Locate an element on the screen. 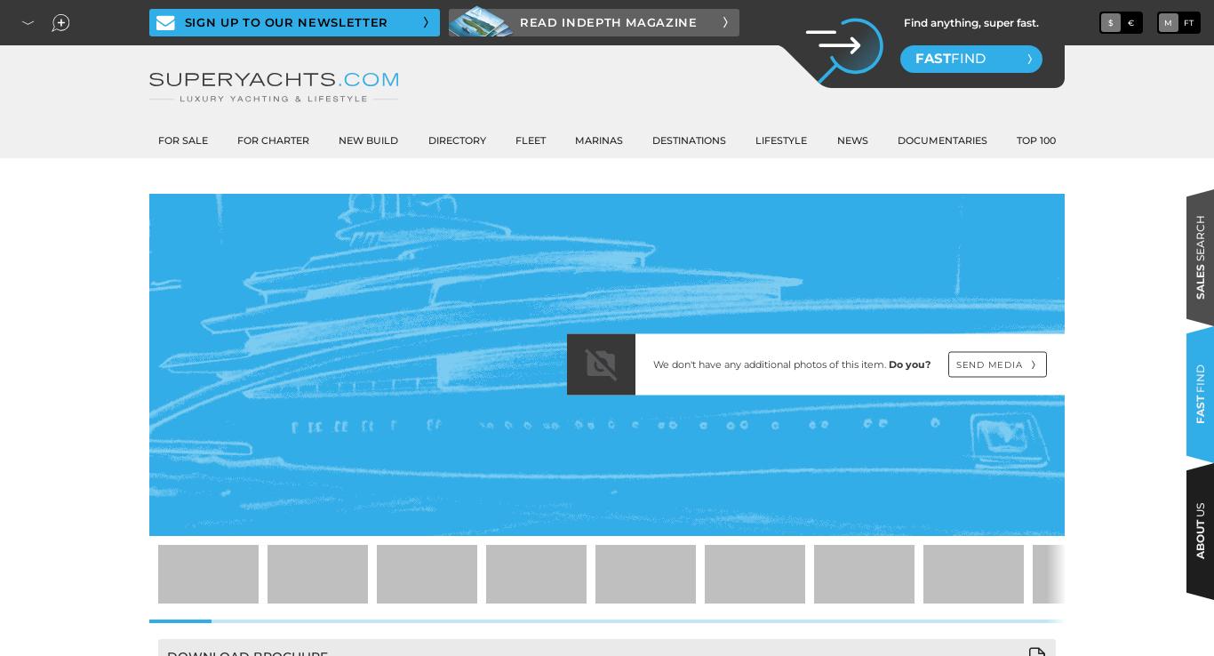  'Design' is located at coordinates (710, 132).